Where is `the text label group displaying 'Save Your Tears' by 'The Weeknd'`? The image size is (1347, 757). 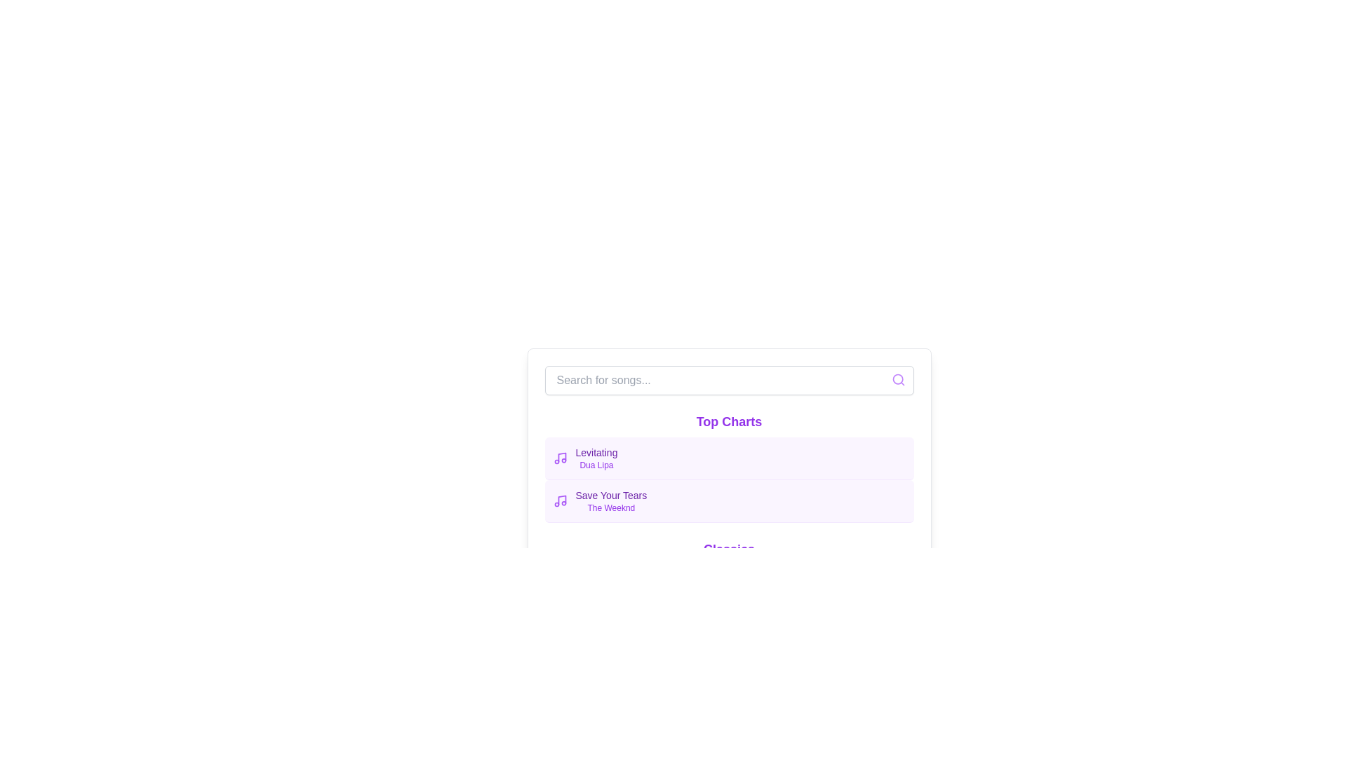 the text label group displaying 'Save Your Tears' by 'The Weeknd' is located at coordinates (611, 500).